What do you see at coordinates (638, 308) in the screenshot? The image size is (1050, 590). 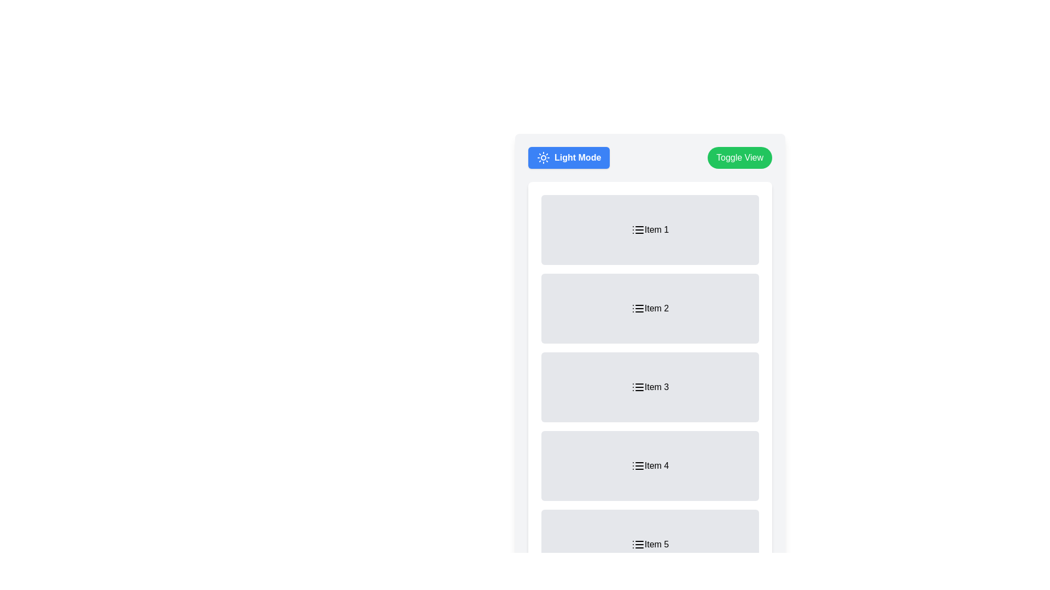 I see `the list icon (SVG) located in the second list item ('Item 2')` at bounding box center [638, 308].